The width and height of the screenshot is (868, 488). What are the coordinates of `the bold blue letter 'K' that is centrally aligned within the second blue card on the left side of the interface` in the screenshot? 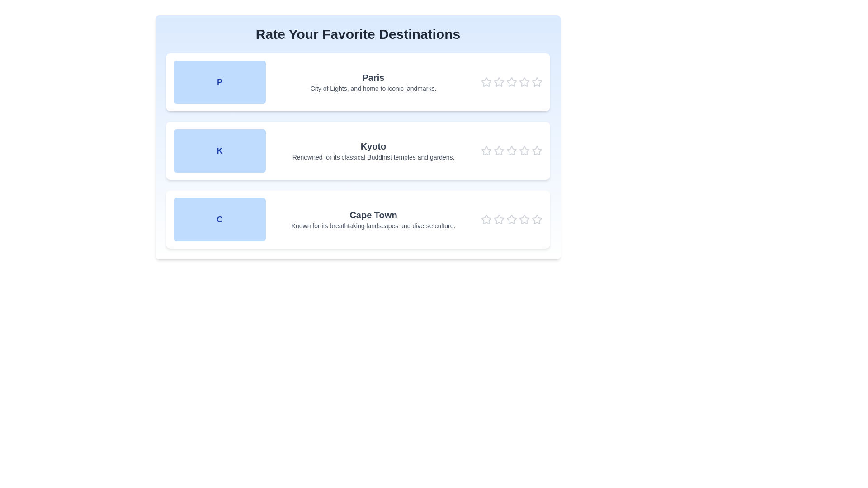 It's located at (219, 150).